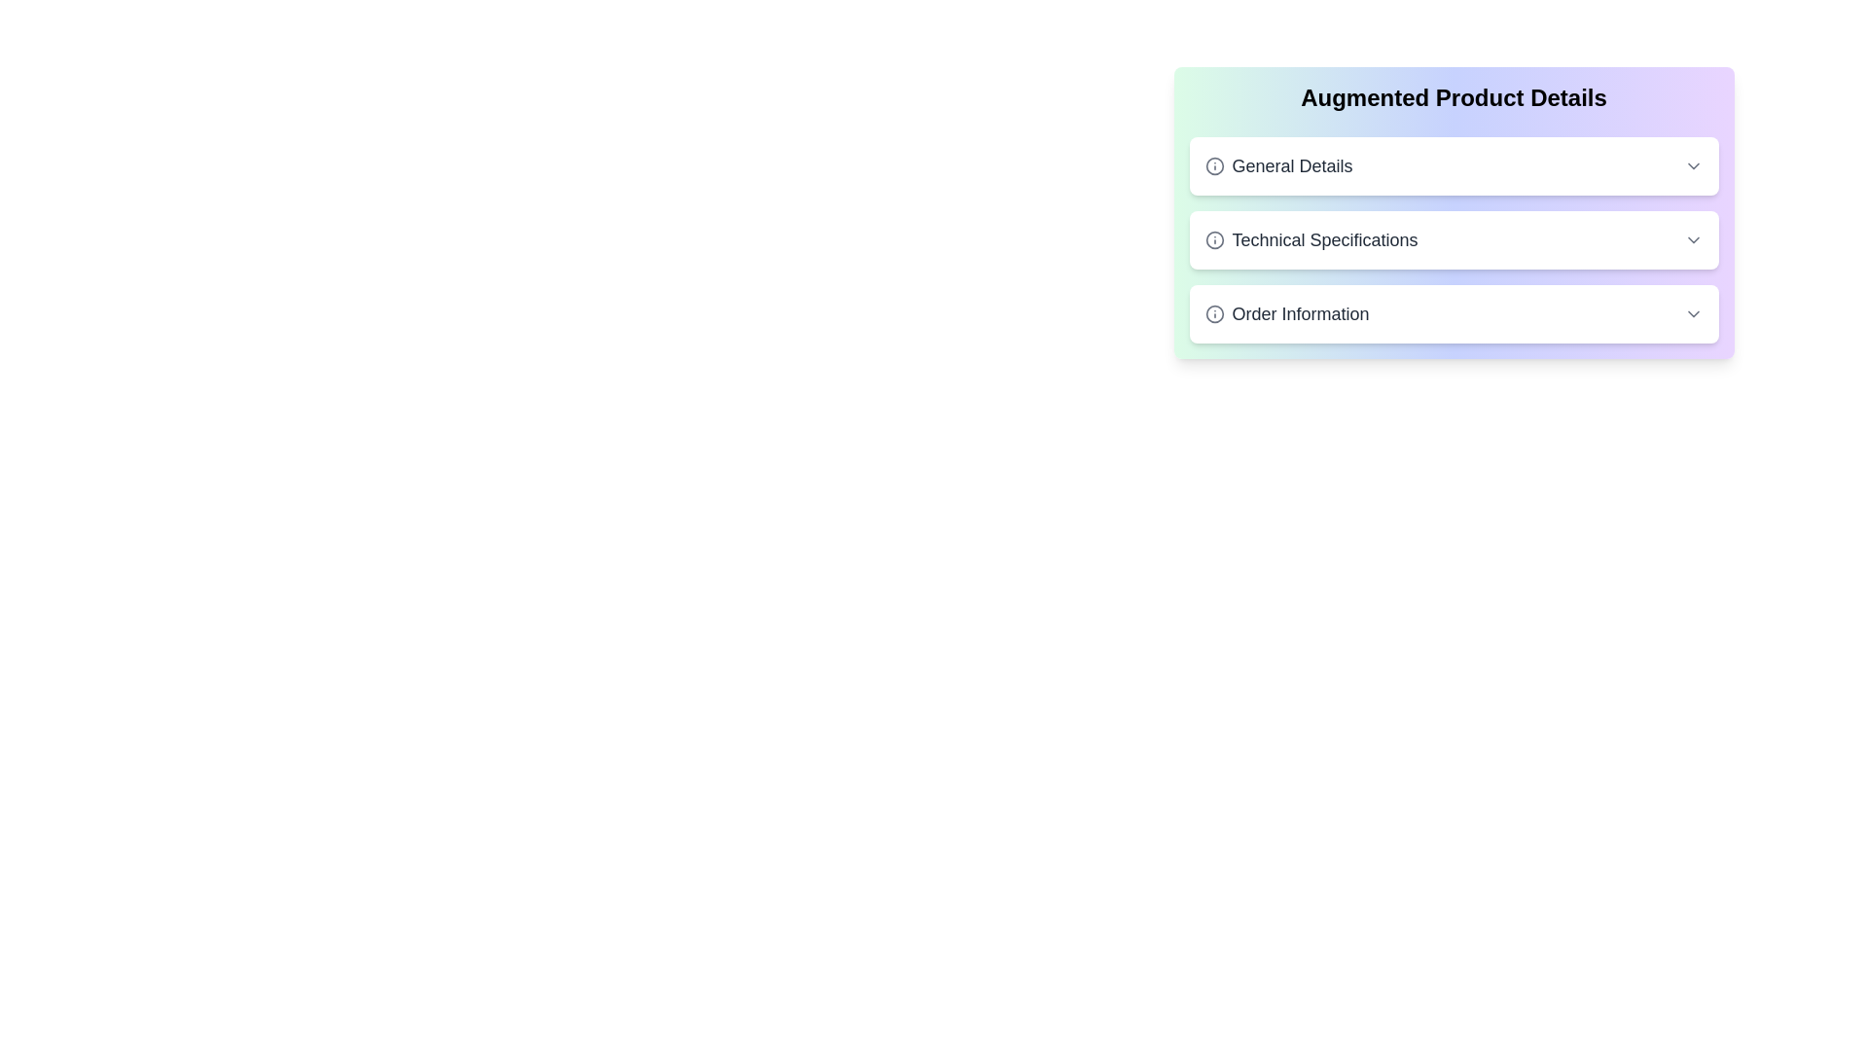 The width and height of the screenshot is (1868, 1051). What do you see at coordinates (1692, 164) in the screenshot?
I see `the downward-pointing chevron icon located at the far right of the row containing the 'General Details' label in the 'Augmented Product Details' section` at bounding box center [1692, 164].